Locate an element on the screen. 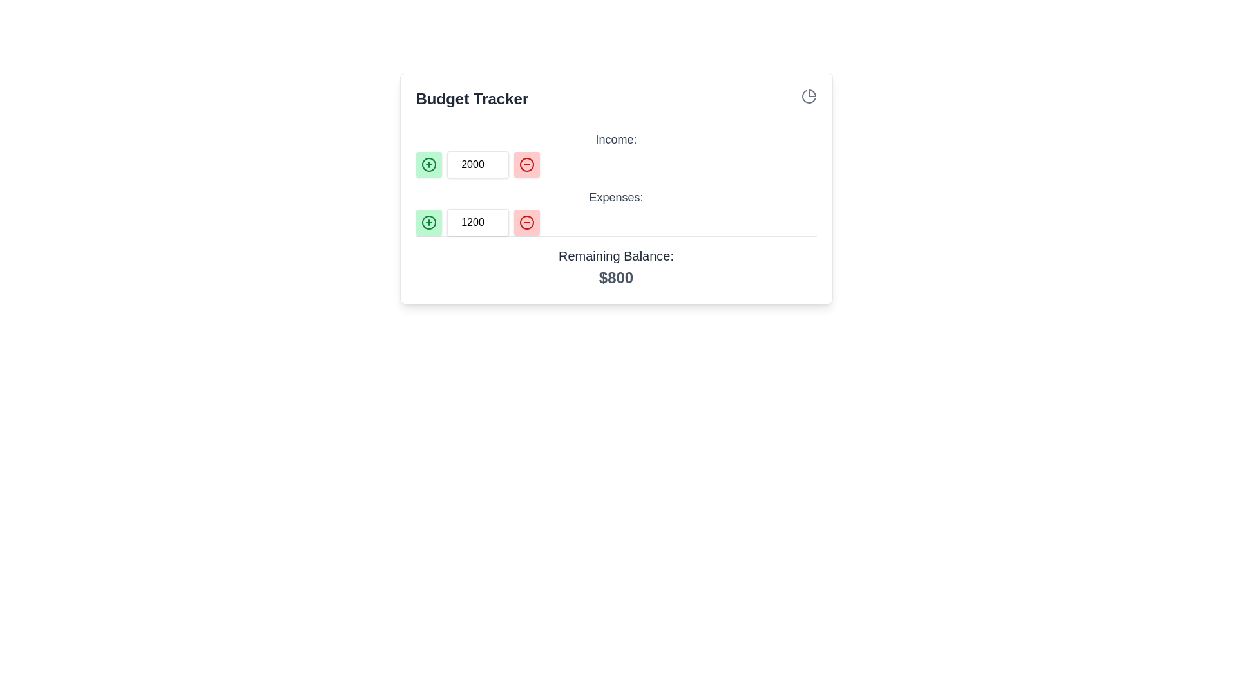 The height and width of the screenshot is (695, 1237). the rounded button with a light green background and a green plus icon, which is the first button in the second row of controls for managing expenses and income is located at coordinates (428, 222).